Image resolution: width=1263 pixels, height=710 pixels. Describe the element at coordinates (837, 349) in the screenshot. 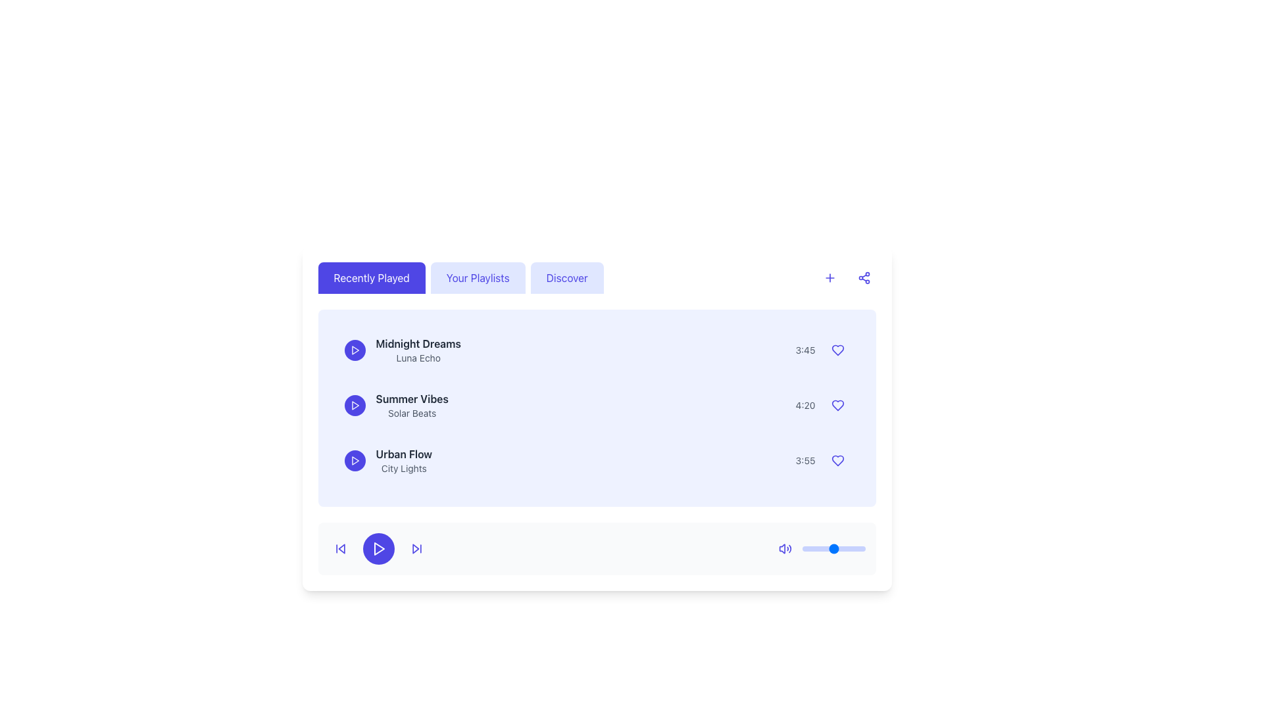

I see `the small, circular light blue button with a heart icon outlined in blue, located in the 'Recently Played' playlist` at that location.